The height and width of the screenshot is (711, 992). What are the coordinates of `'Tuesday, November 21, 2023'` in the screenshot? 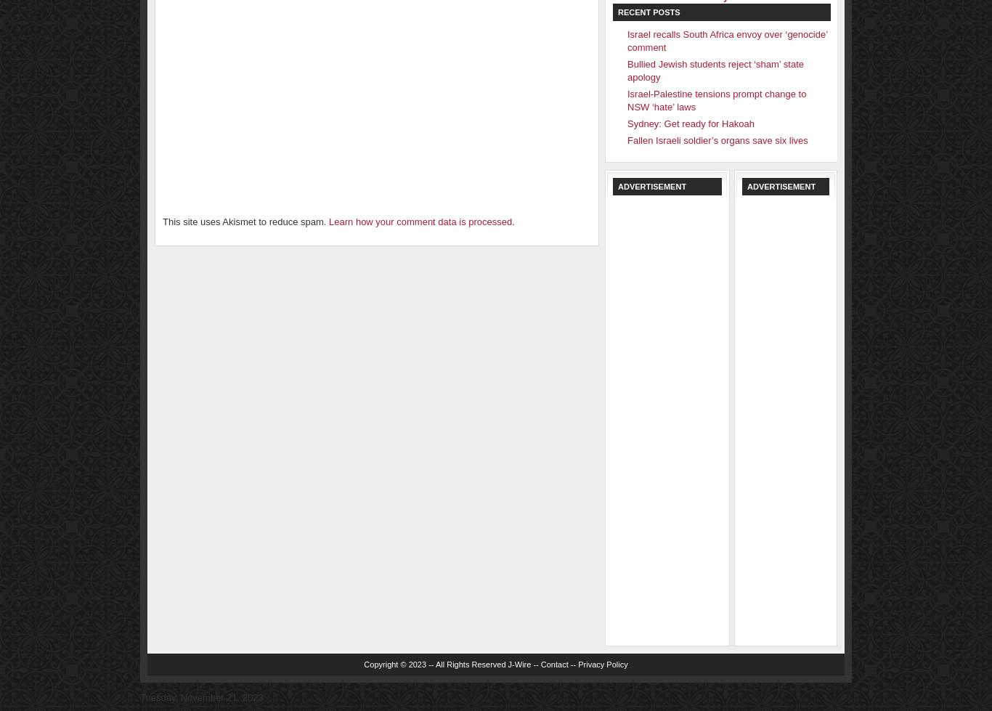 It's located at (139, 696).